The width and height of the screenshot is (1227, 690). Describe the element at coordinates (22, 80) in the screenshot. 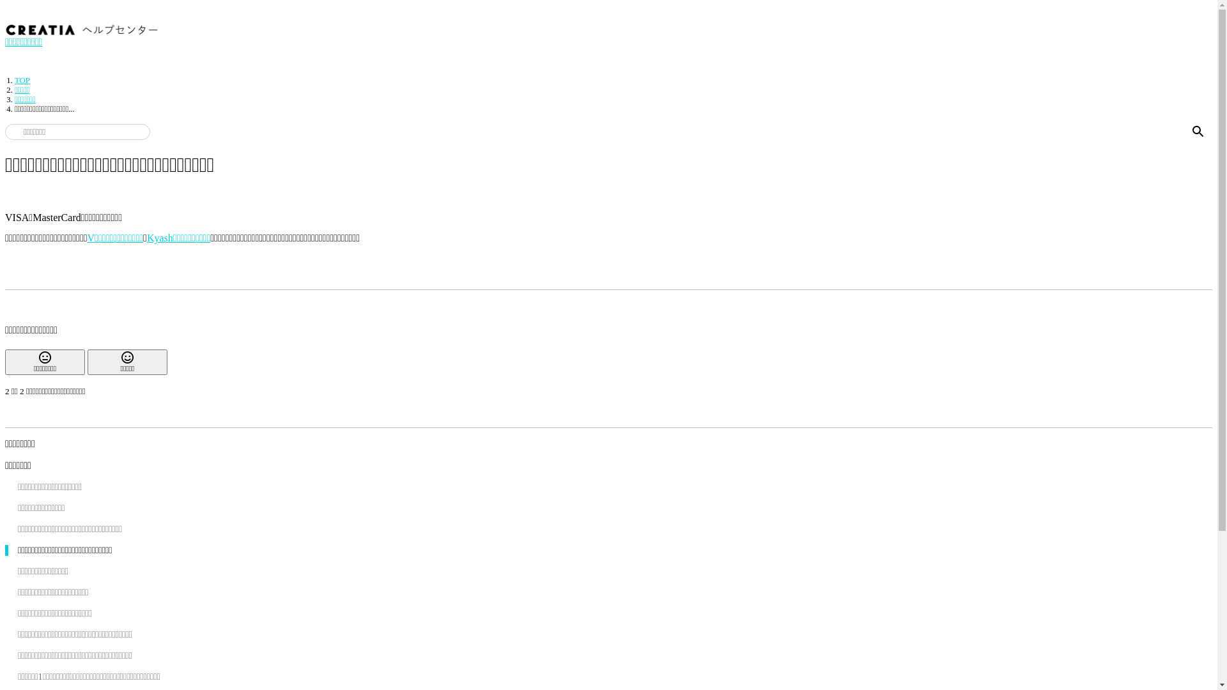

I see `'TOP'` at that location.